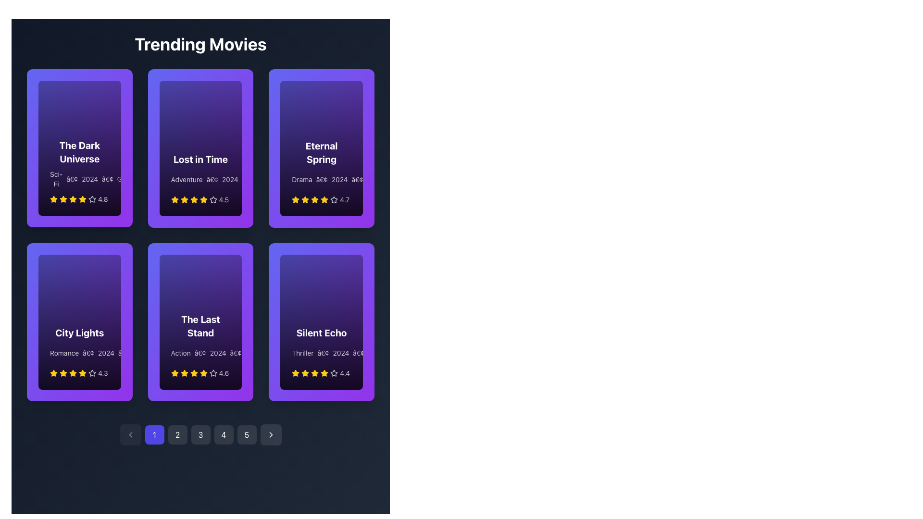 This screenshot has height=519, width=923. Describe the element at coordinates (83, 199) in the screenshot. I see `the bright yellow five-pointed star icon in the rating section of 'The Dark Universe' card, which is the sixth star in a horizontal sequence` at that location.